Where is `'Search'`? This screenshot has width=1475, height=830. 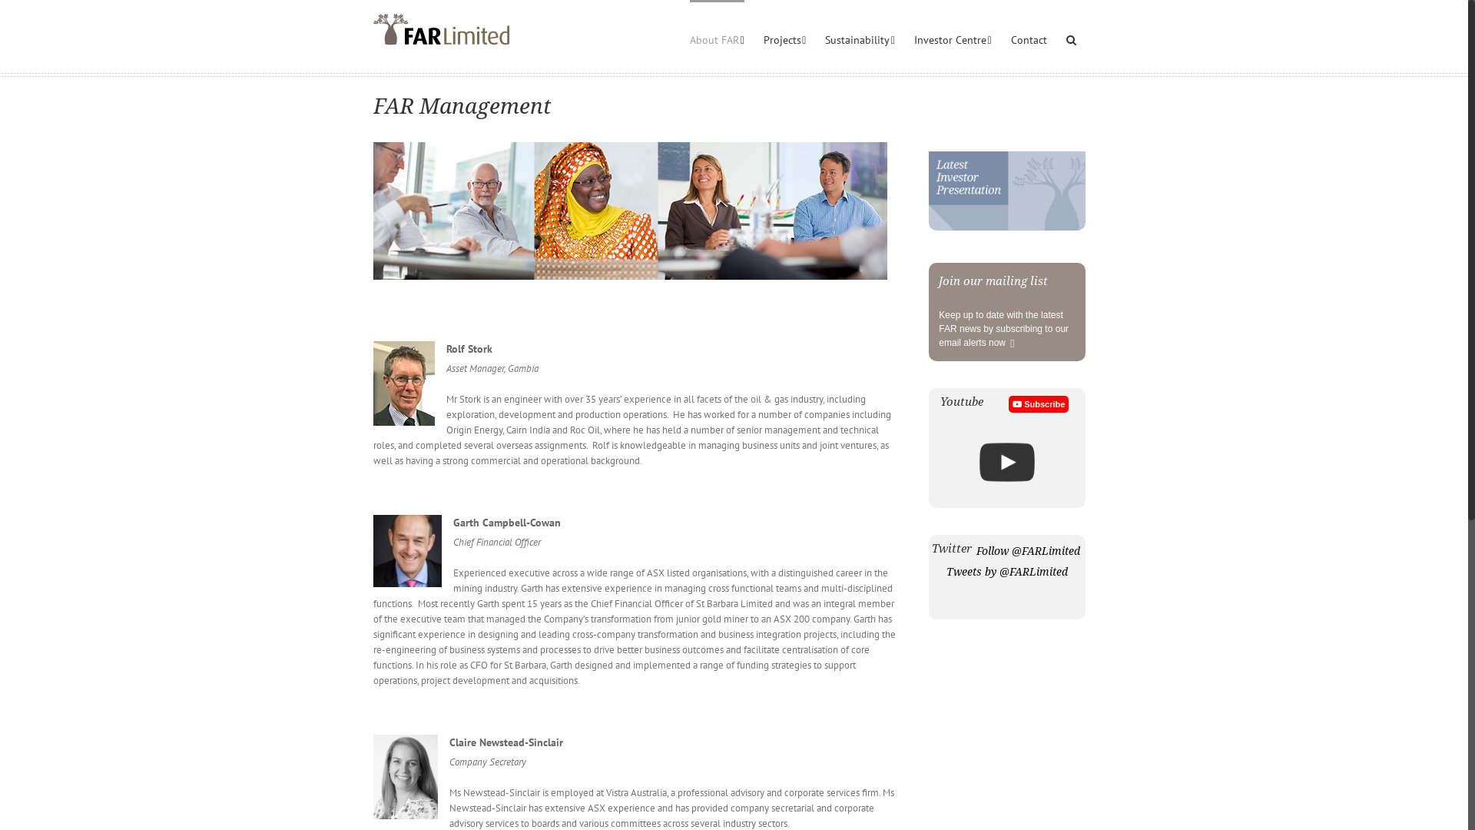 'Search' is located at coordinates (1070, 38).